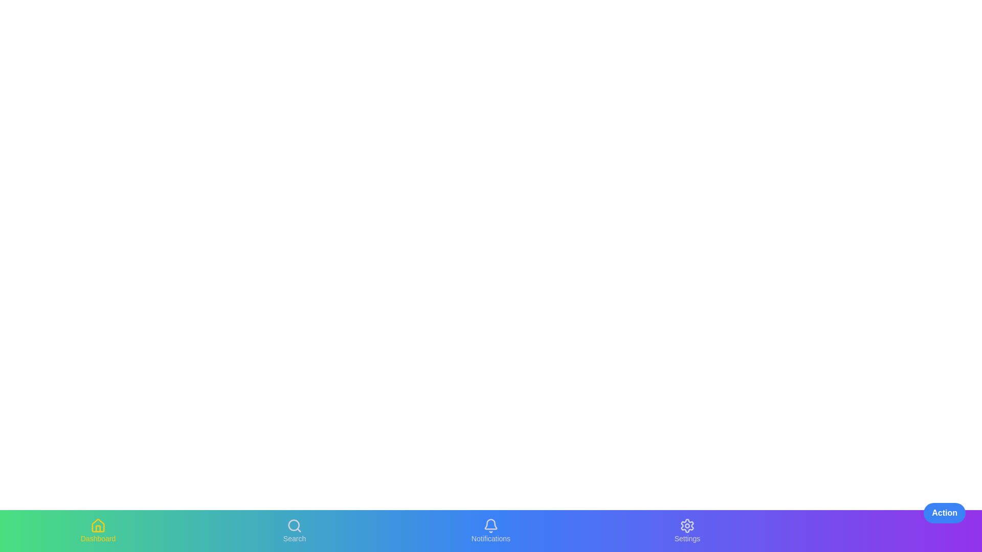 The height and width of the screenshot is (552, 982). Describe the element at coordinates (98, 530) in the screenshot. I see `the navigation item labeled Dashboard` at that location.